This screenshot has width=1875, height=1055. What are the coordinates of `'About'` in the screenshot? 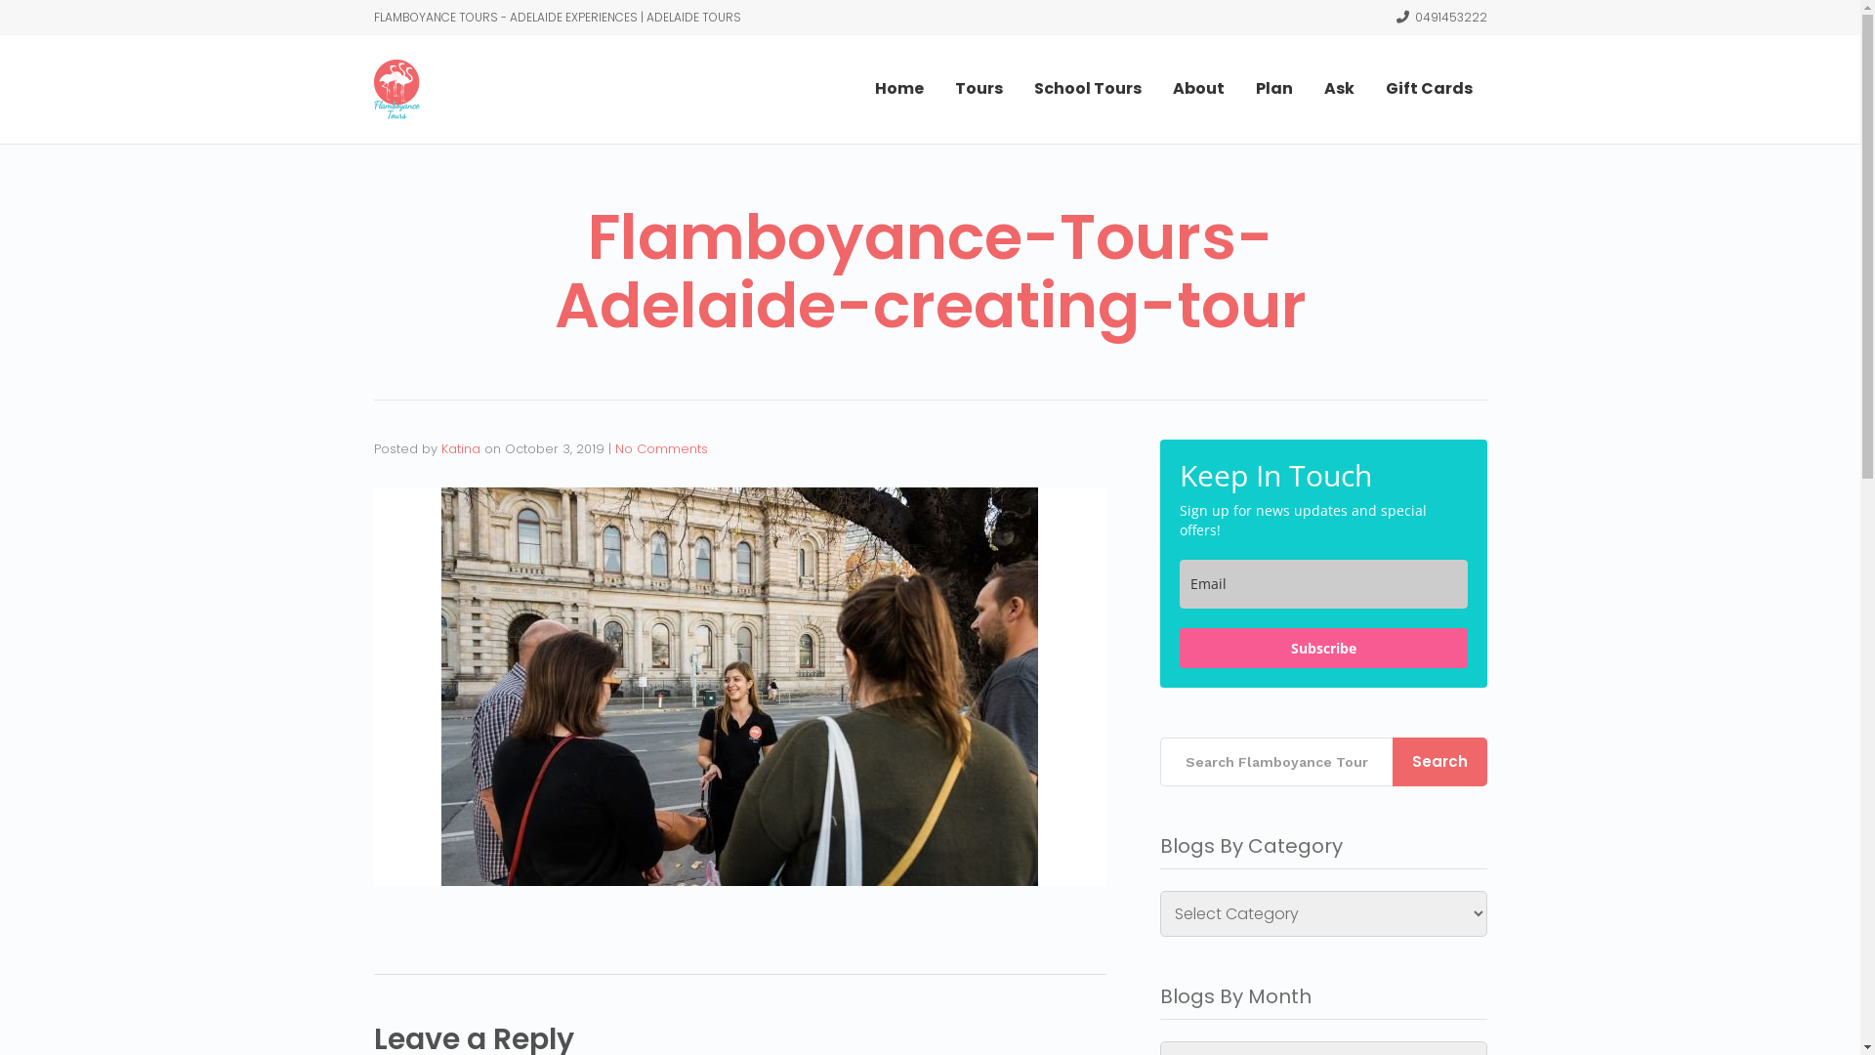 It's located at (1196, 89).